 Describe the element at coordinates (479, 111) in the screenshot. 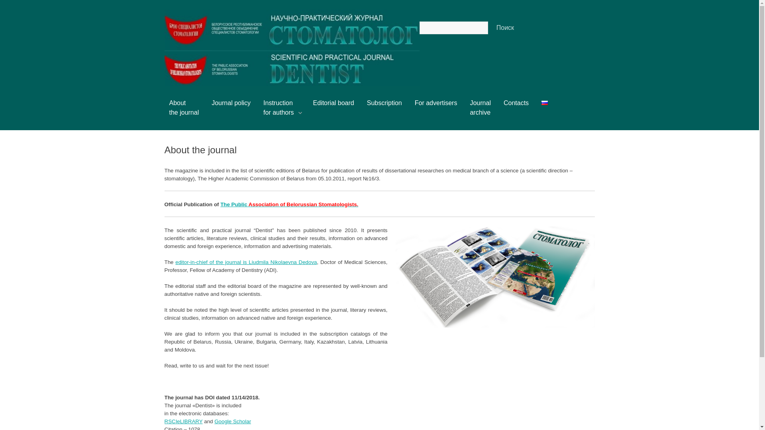

I see `'Journal` at that location.